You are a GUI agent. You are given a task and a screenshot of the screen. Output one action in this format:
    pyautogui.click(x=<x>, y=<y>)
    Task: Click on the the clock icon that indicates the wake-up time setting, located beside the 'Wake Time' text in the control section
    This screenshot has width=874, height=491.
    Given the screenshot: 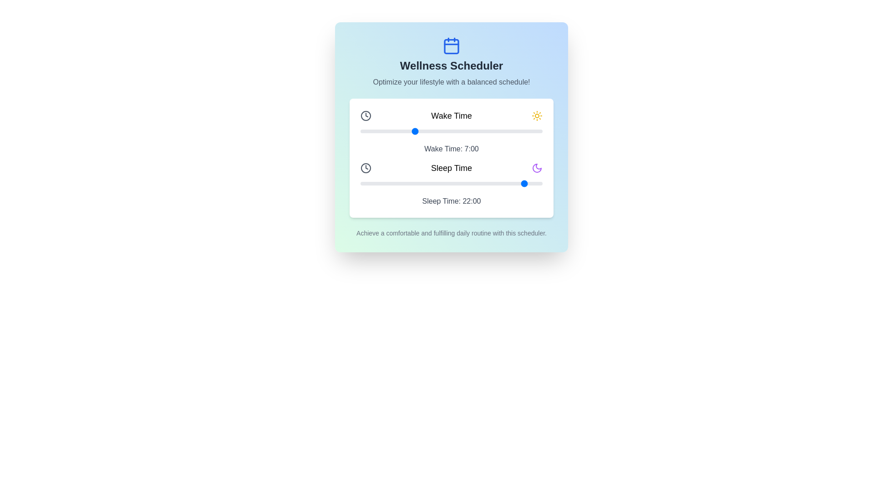 What is the action you would take?
    pyautogui.click(x=366, y=115)
    